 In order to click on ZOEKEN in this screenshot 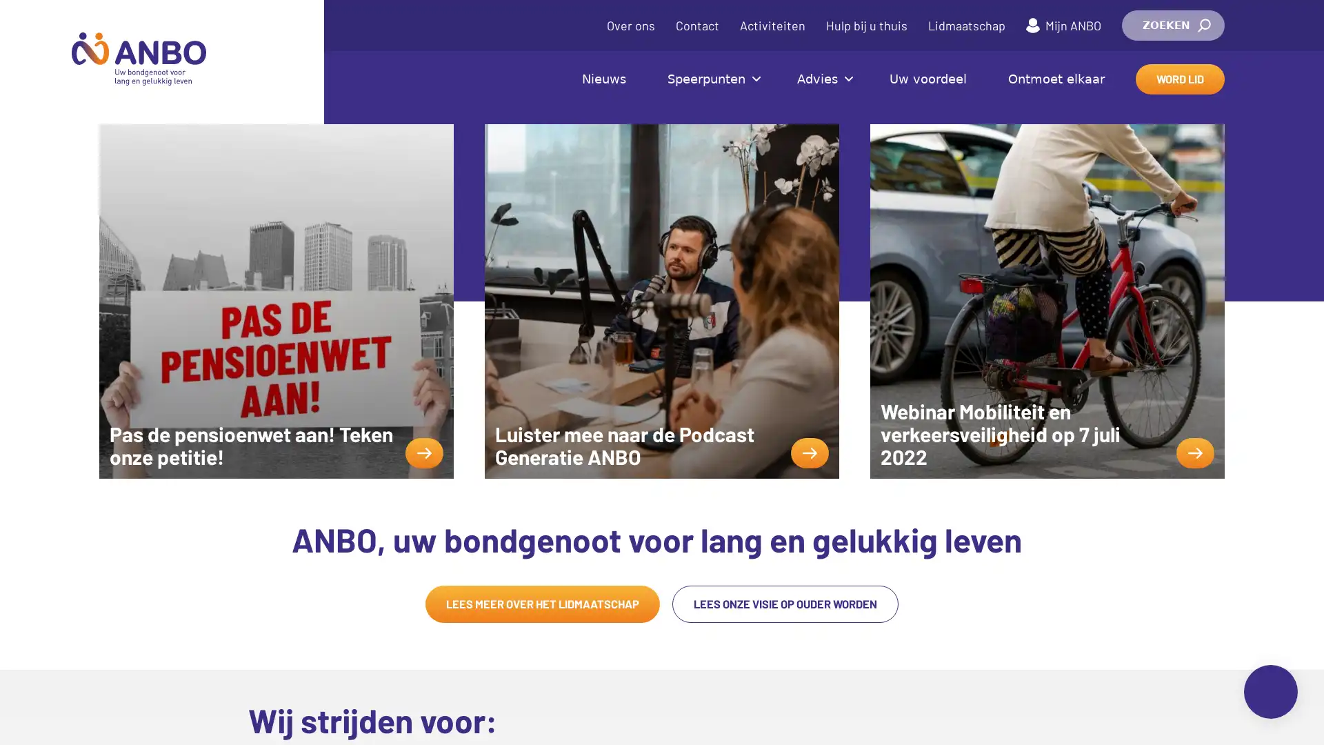, I will do `click(1172, 26)`.